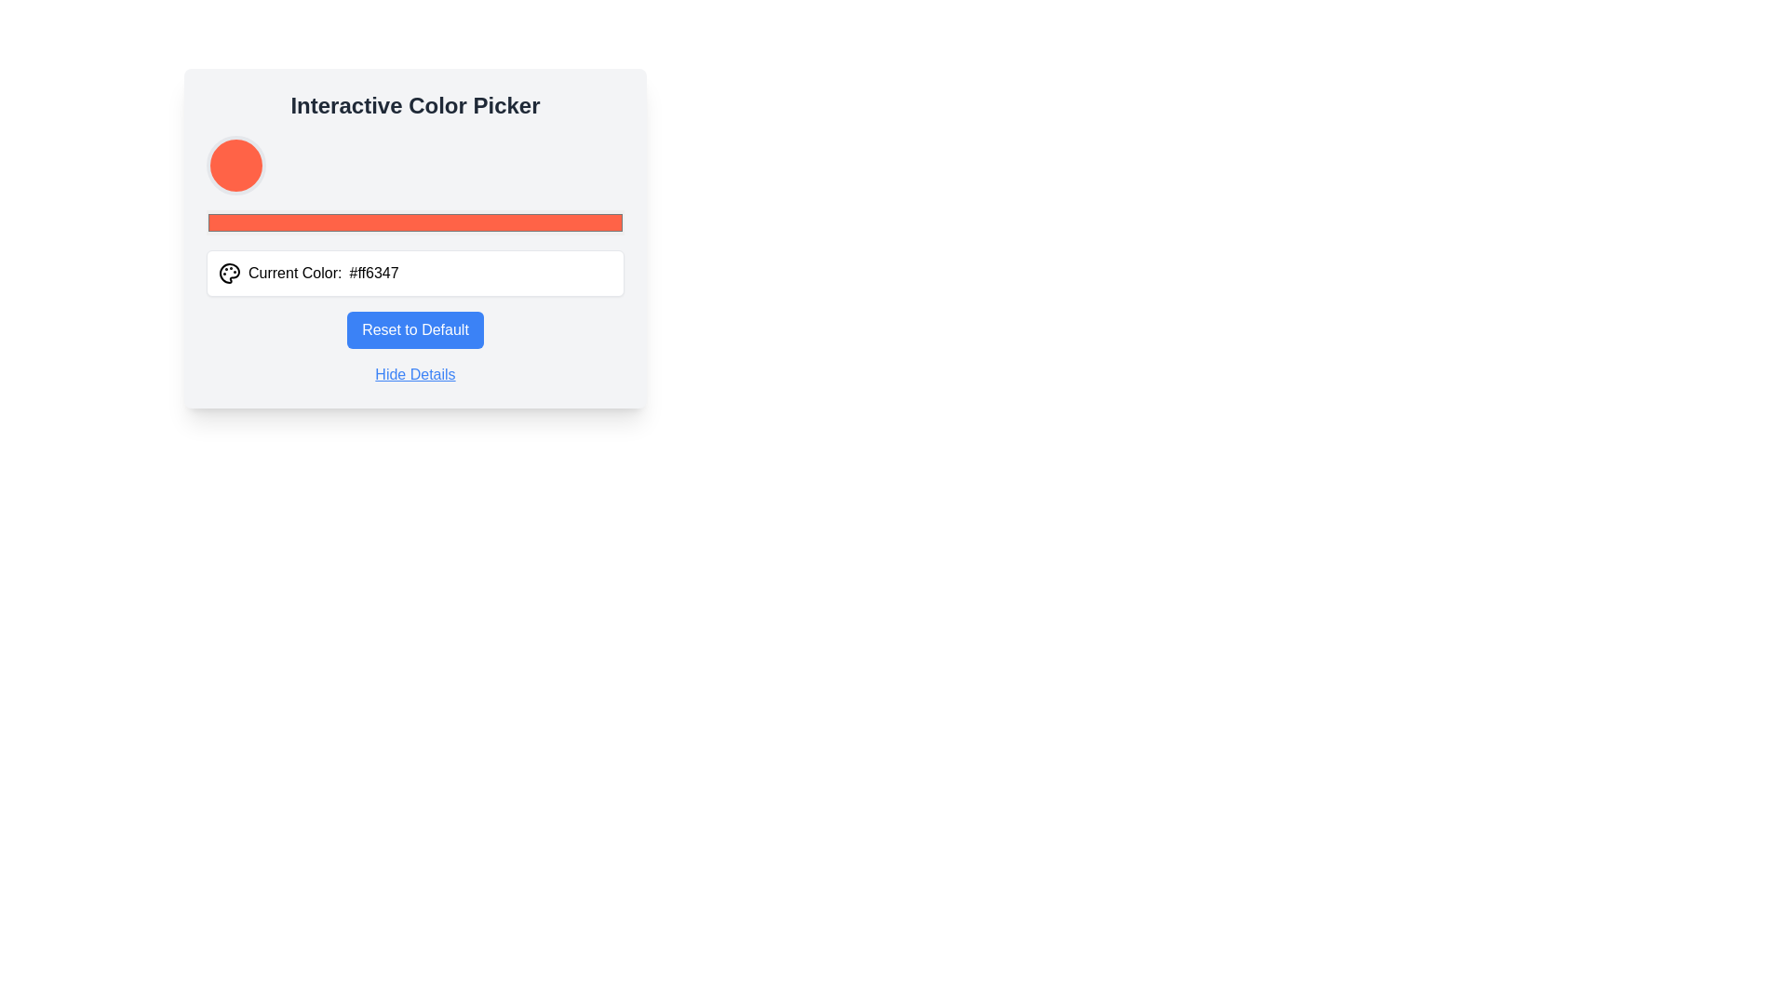  What do you see at coordinates (435, 221) in the screenshot?
I see `the slider value` at bounding box center [435, 221].